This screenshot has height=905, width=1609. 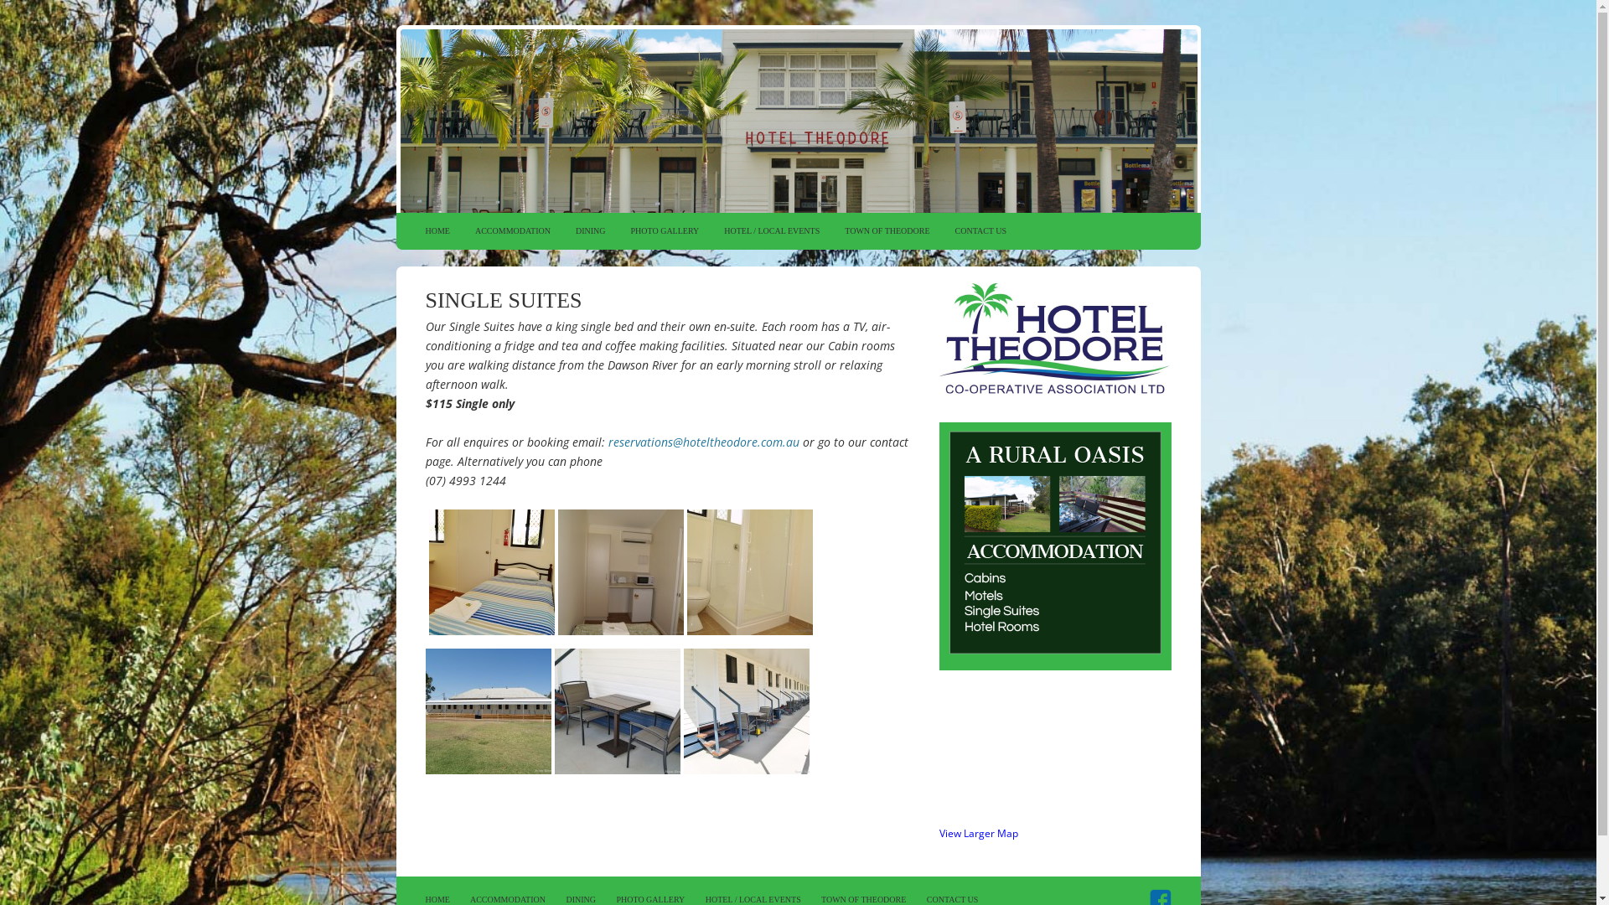 I want to click on 'HOTEL / LOCAL EVENTS', so click(x=771, y=231).